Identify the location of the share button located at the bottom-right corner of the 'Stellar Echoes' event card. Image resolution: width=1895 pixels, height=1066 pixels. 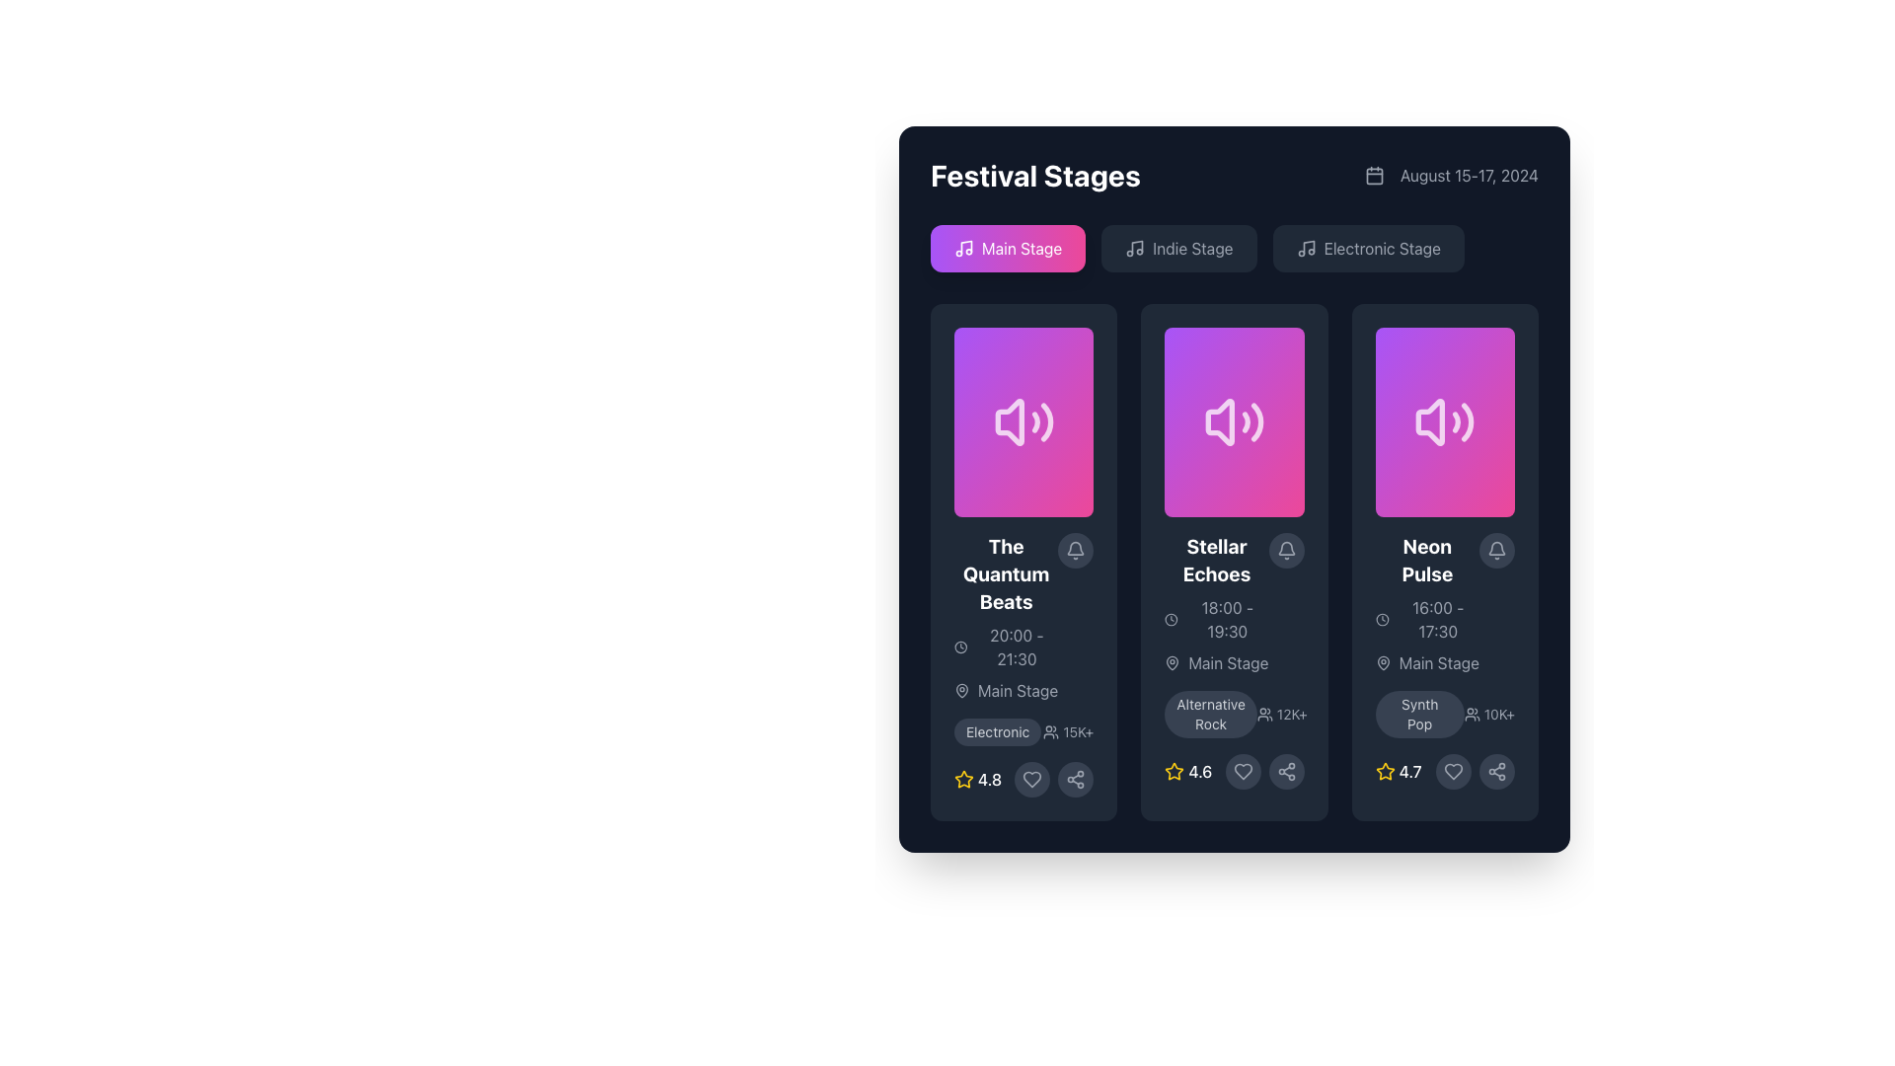
(1286, 771).